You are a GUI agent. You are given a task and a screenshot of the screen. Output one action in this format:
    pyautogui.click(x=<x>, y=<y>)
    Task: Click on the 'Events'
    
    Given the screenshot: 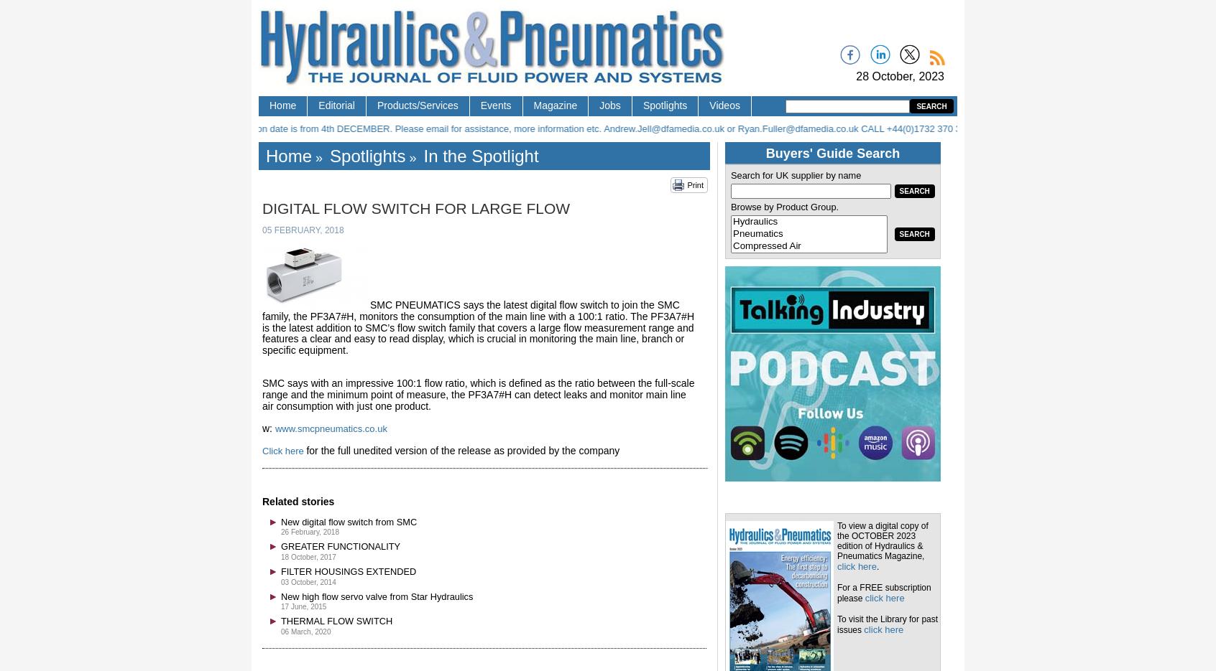 What is the action you would take?
    pyautogui.click(x=495, y=105)
    